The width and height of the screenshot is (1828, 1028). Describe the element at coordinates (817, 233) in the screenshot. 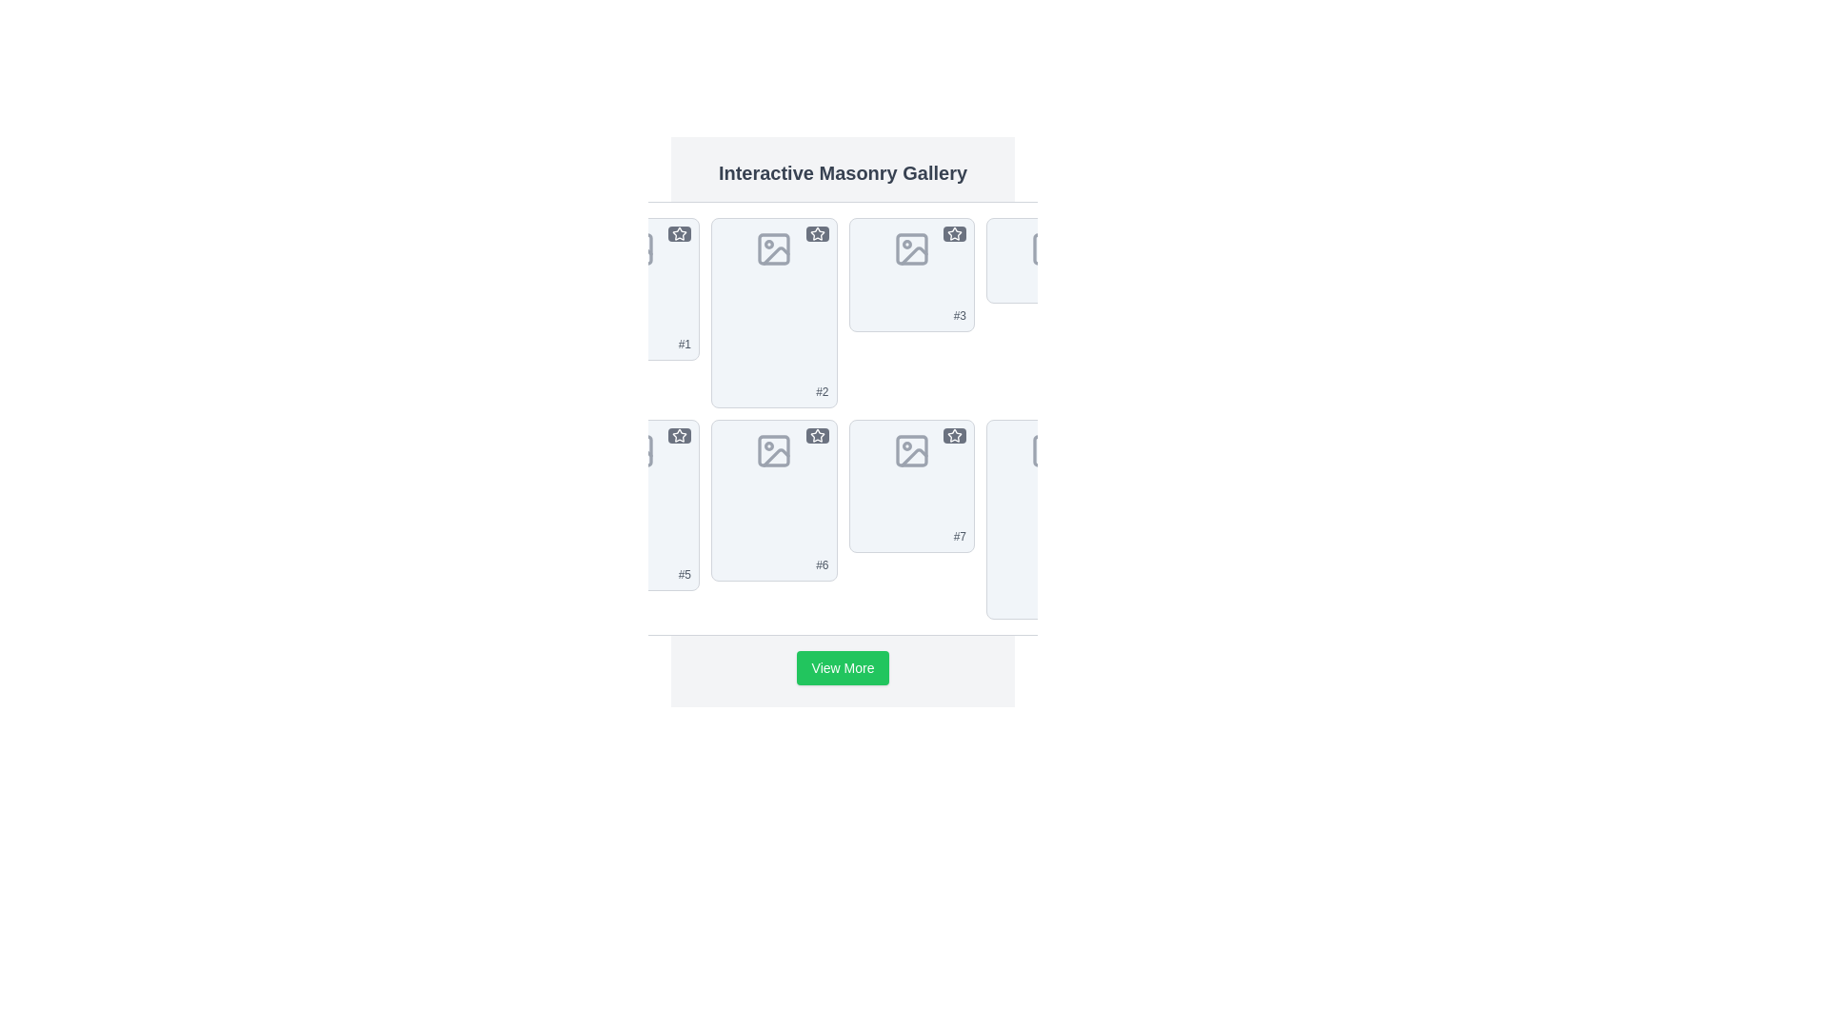

I see `the button in the top-right corner of the second gallery card labeled '#2'` at that location.